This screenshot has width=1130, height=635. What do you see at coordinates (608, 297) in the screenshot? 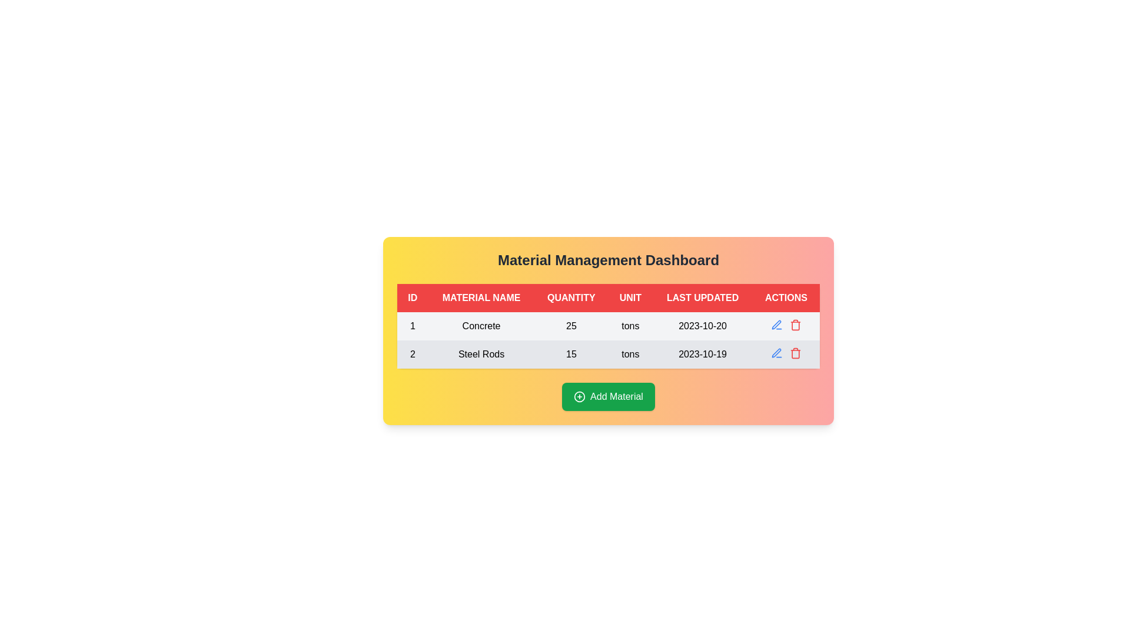
I see `the Table Header element with a red background and white uppercase text that contains column titles including 'ID', 'Material Name', 'Quantity', 'Unit', 'Last Updated', and 'Actions'` at bounding box center [608, 297].